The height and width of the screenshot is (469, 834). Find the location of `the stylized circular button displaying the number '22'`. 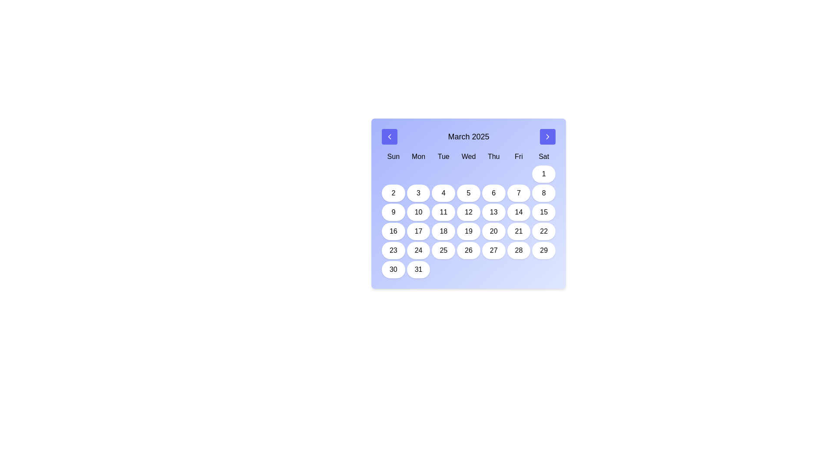

the stylized circular button displaying the number '22' is located at coordinates (543, 231).